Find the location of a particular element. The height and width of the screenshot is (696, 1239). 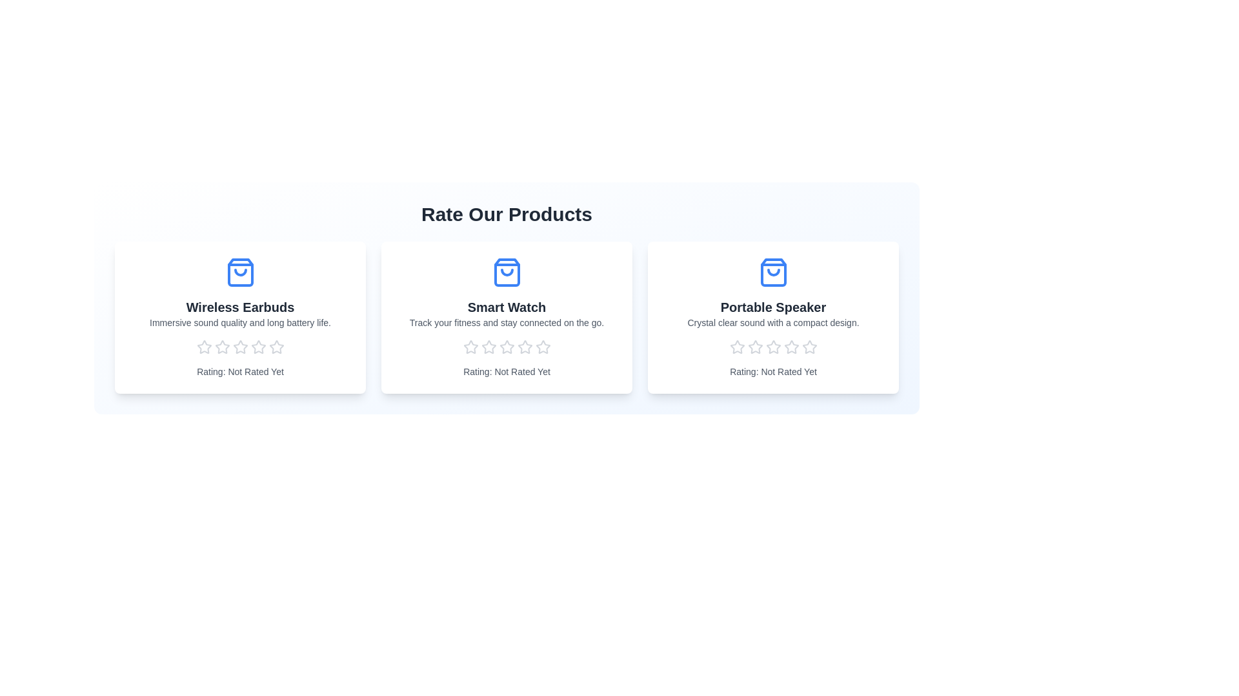

the product card for Wireless Earbuds is located at coordinates (240, 318).